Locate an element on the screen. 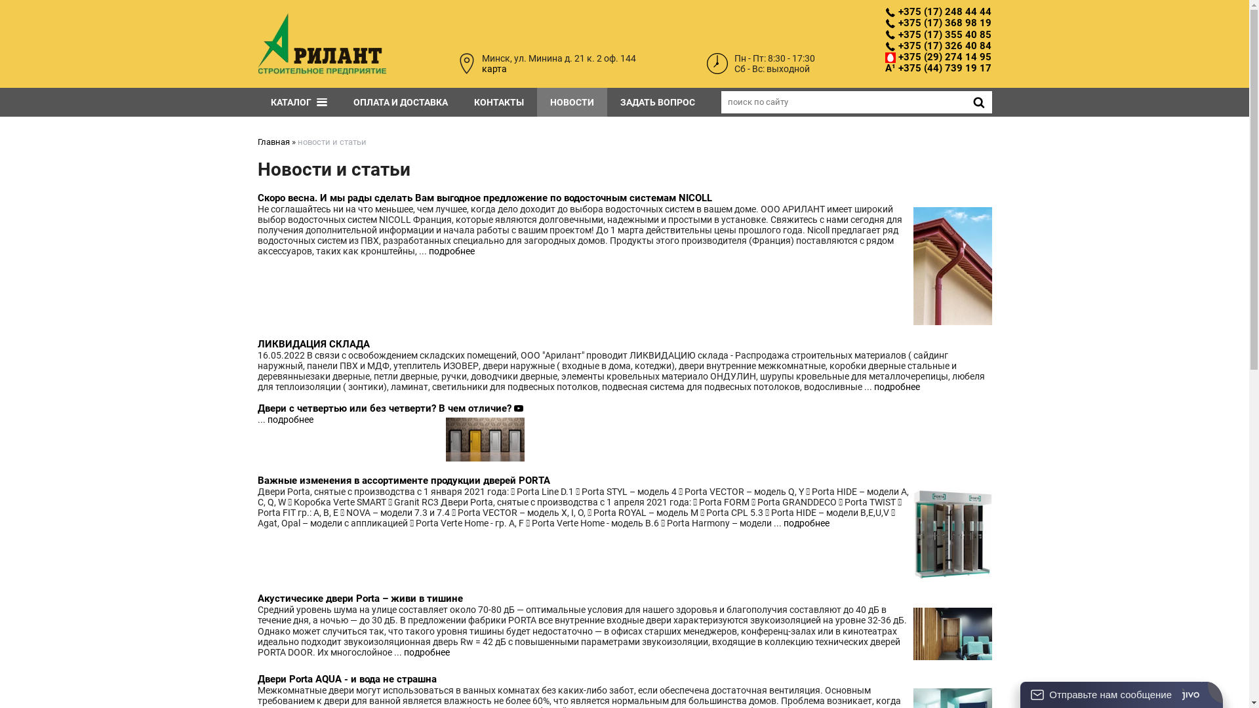 The height and width of the screenshot is (708, 1259). '+375 (17) 355 40 85' is located at coordinates (937, 33).